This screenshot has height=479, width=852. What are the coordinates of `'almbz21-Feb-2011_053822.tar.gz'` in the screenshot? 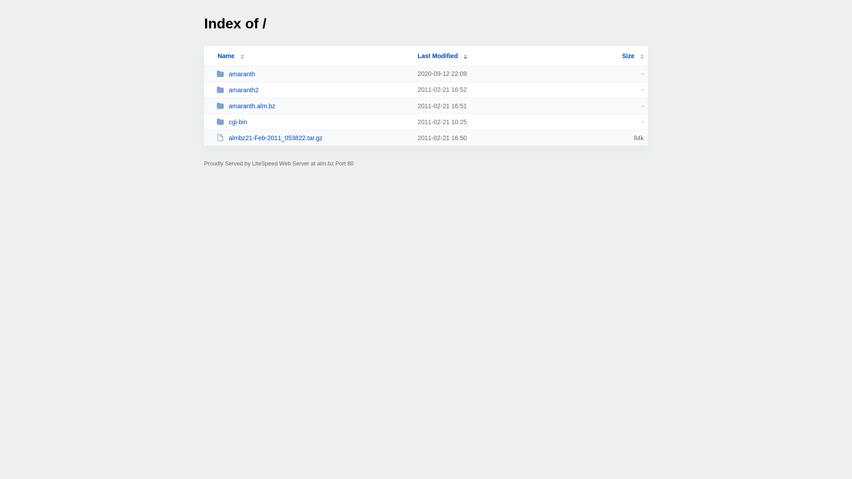 It's located at (313, 137).